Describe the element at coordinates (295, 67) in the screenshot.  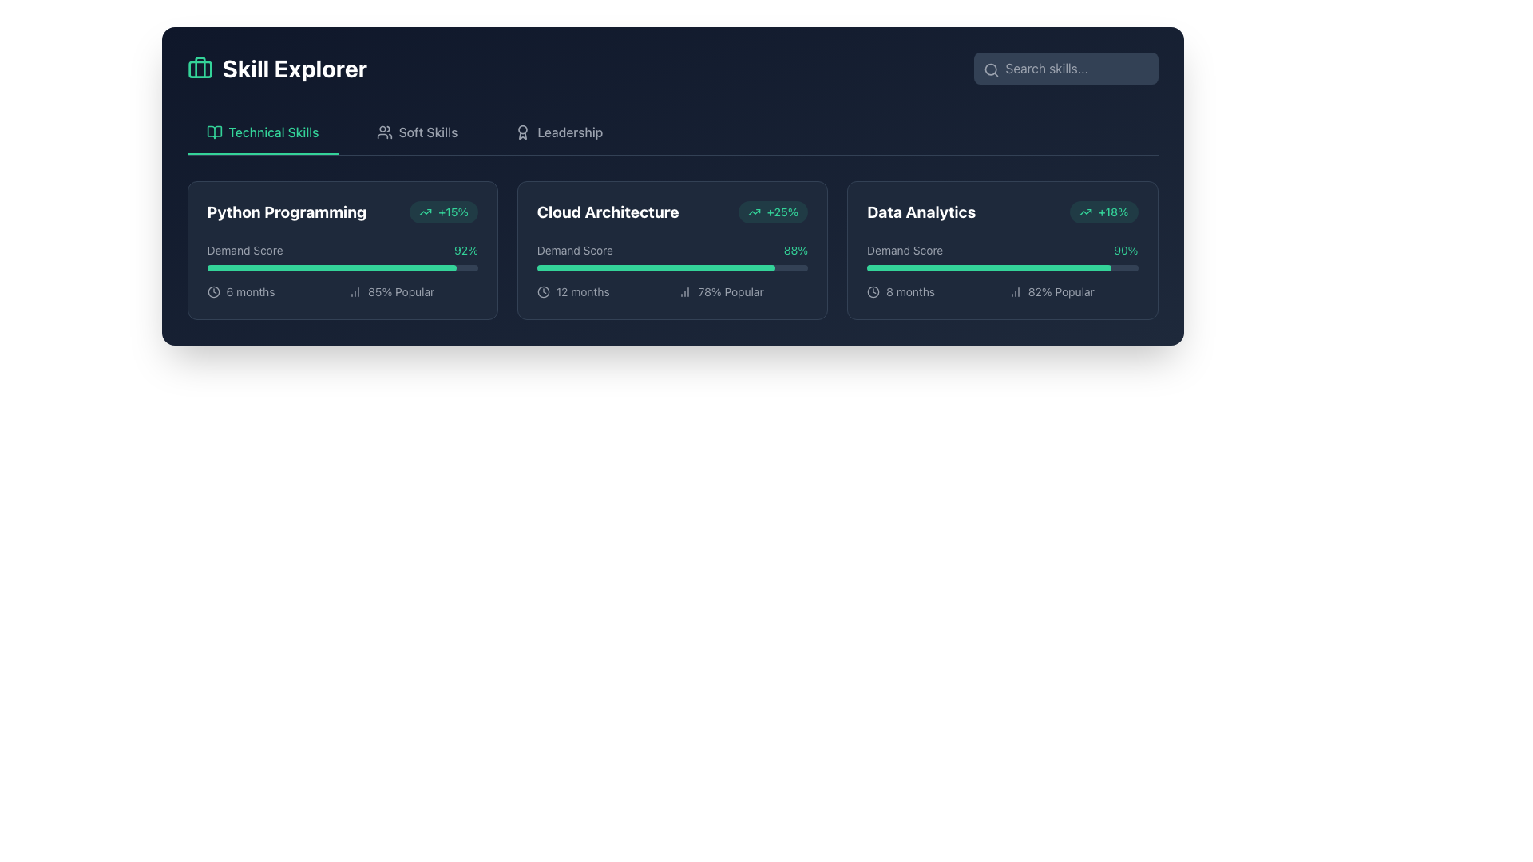
I see `the 'Skill Explorer' static text element, which is styled in large, bold white font and is located to the right of a green briefcase icon in the upper left section of the interface` at that location.